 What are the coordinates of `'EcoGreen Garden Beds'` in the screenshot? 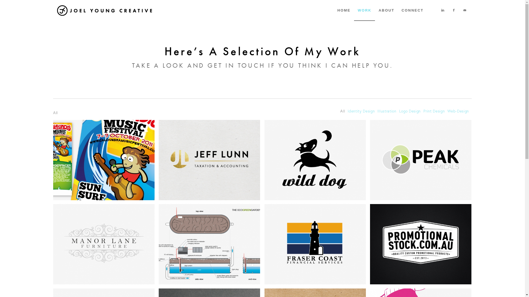 It's located at (158, 246).